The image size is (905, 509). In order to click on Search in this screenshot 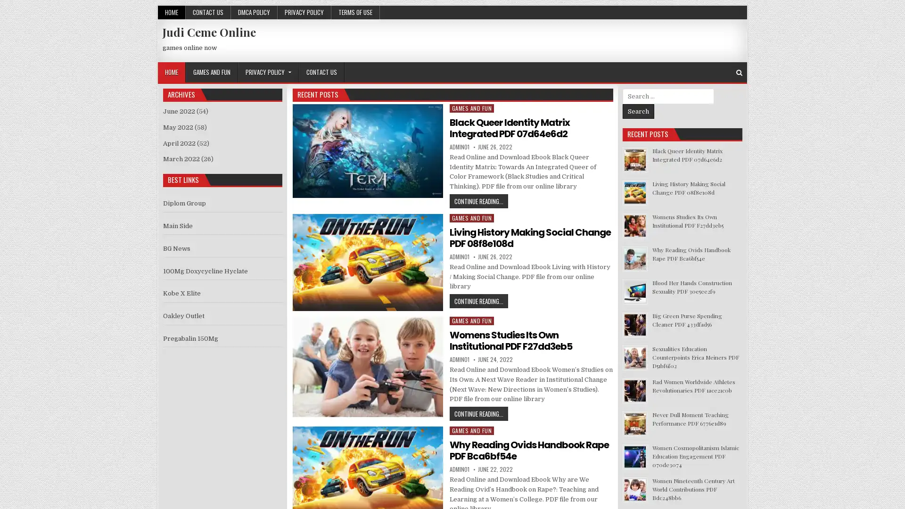, I will do `click(638, 111)`.